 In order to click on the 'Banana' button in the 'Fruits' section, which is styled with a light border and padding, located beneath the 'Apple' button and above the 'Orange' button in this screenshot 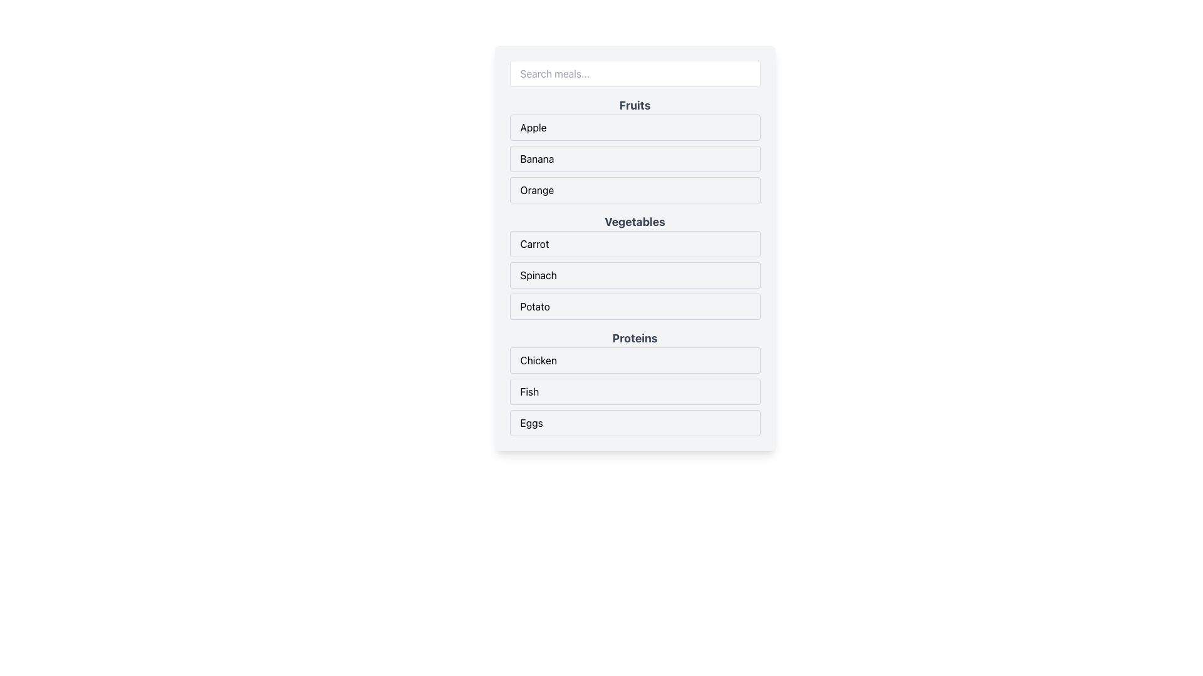, I will do `click(635, 149)`.